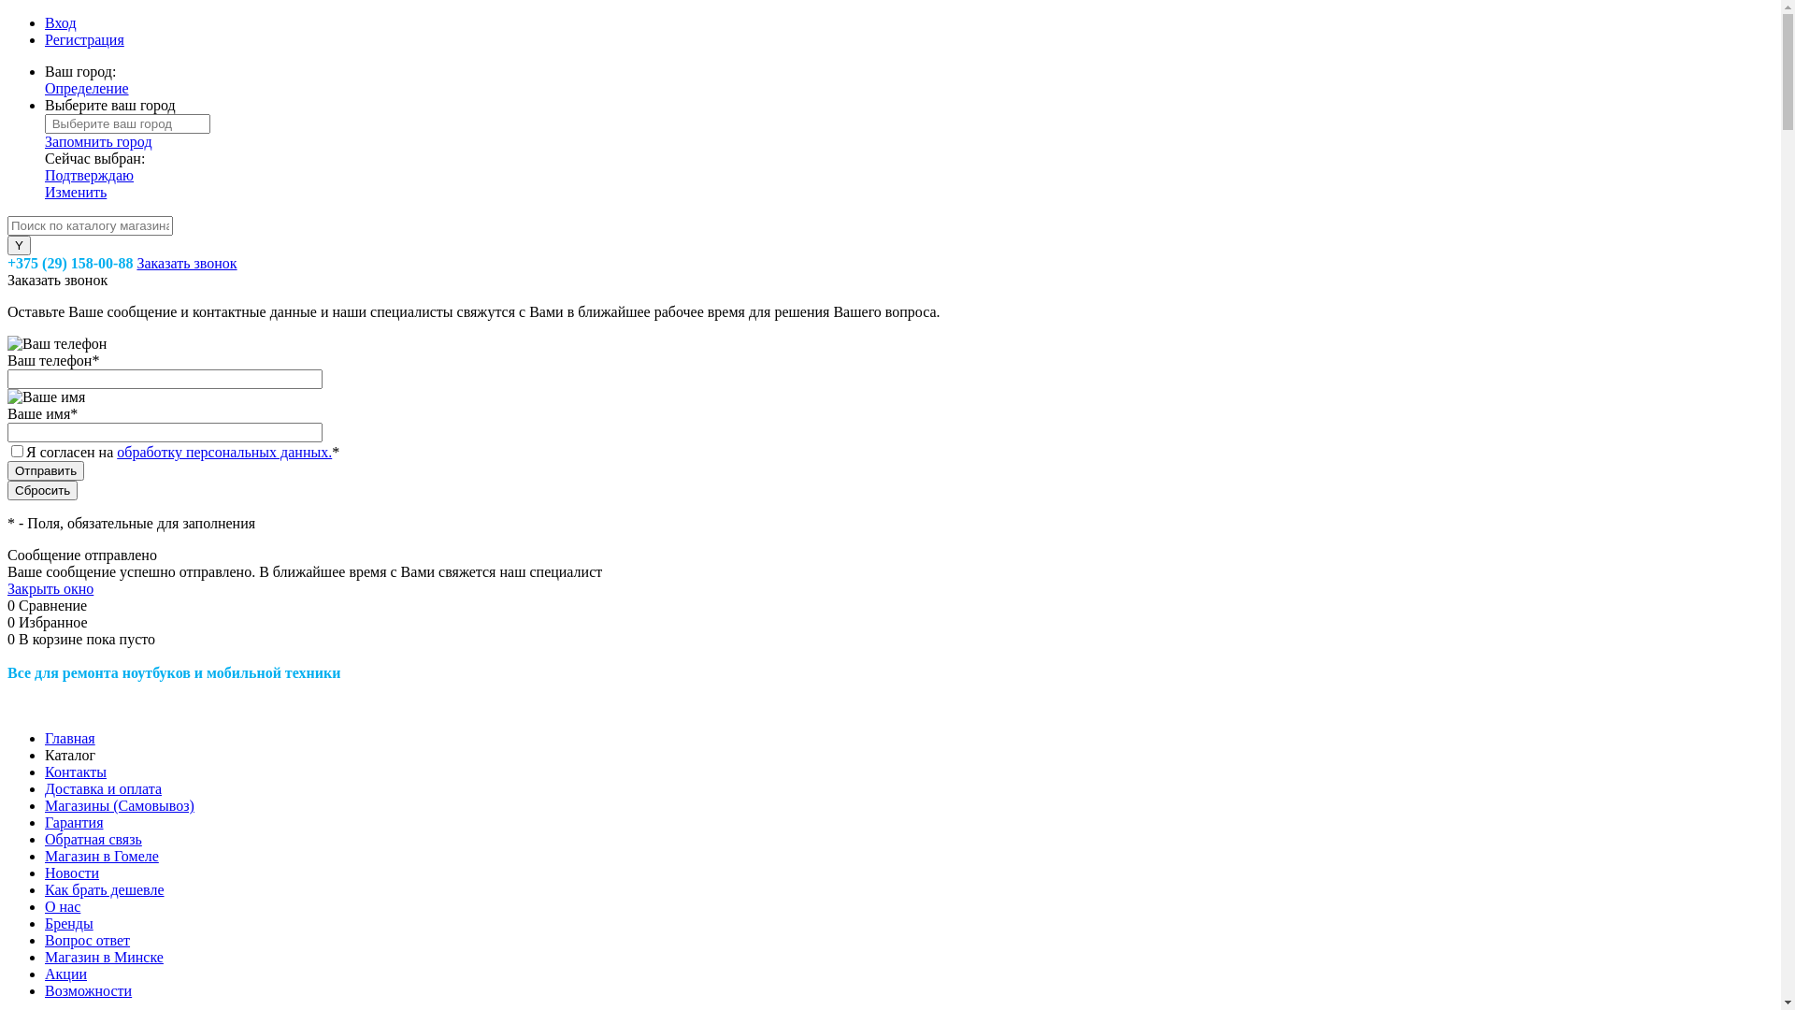  I want to click on 'Y', so click(19, 244).